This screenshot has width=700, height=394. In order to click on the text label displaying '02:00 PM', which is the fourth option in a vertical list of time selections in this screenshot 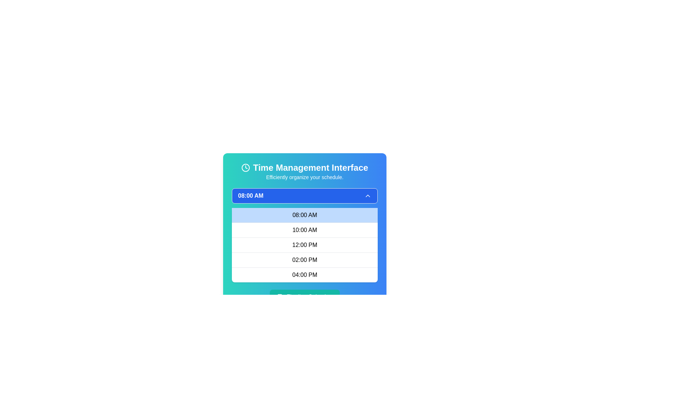, I will do `click(304, 259)`.